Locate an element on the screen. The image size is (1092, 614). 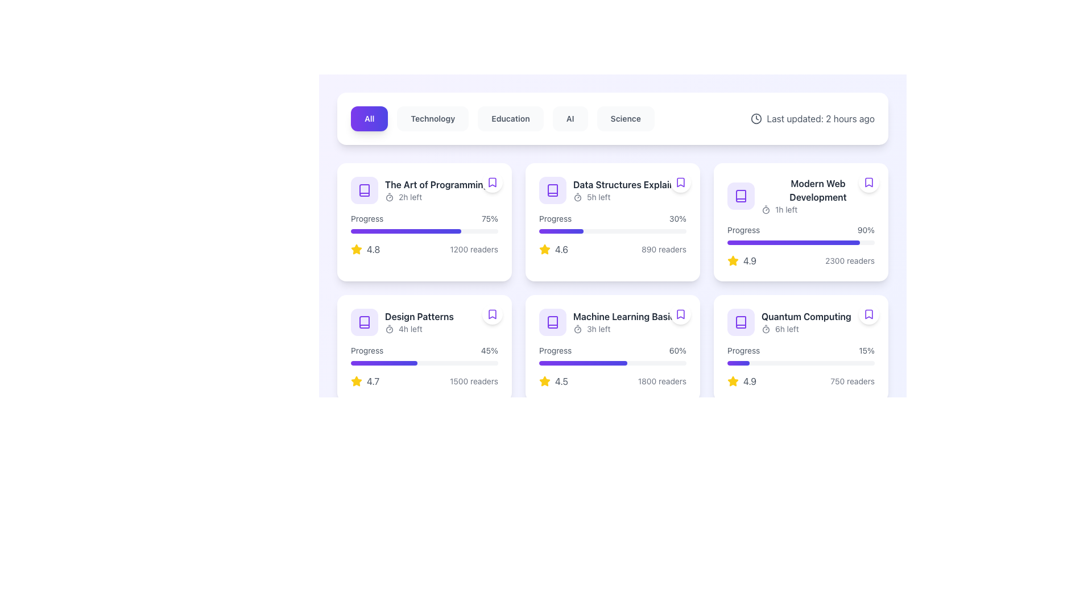
the book icon with purple accents located in the rightmost card titled 'Machine Learning Basics' in the second row of cards is located at coordinates (552, 322).